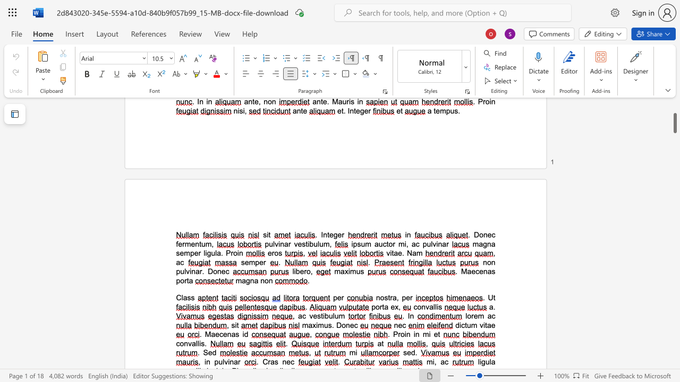 This screenshot has width=680, height=382. What do you see at coordinates (428, 334) in the screenshot?
I see `the space between the continuous character "m" and "i" in the text` at bounding box center [428, 334].